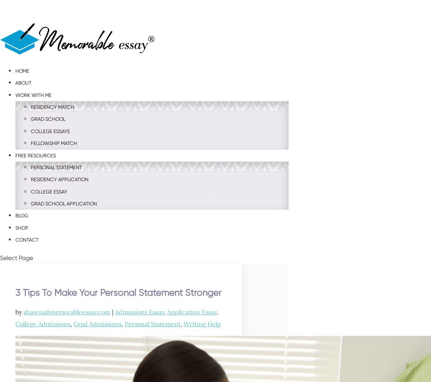 The width and height of the screenshot is (431, 382). Describe the element at coordinates (30, 191) in the screenshot. I see `'College Essay'` at that location.